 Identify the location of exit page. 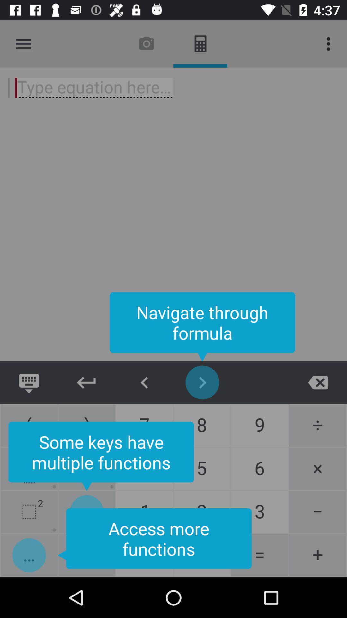
(318, 382).